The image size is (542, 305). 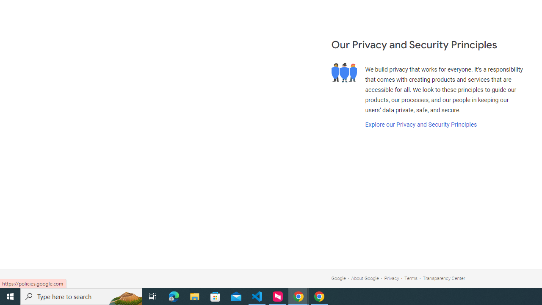 I want to click on 'Transparency Center', so click(x=443, y=278).